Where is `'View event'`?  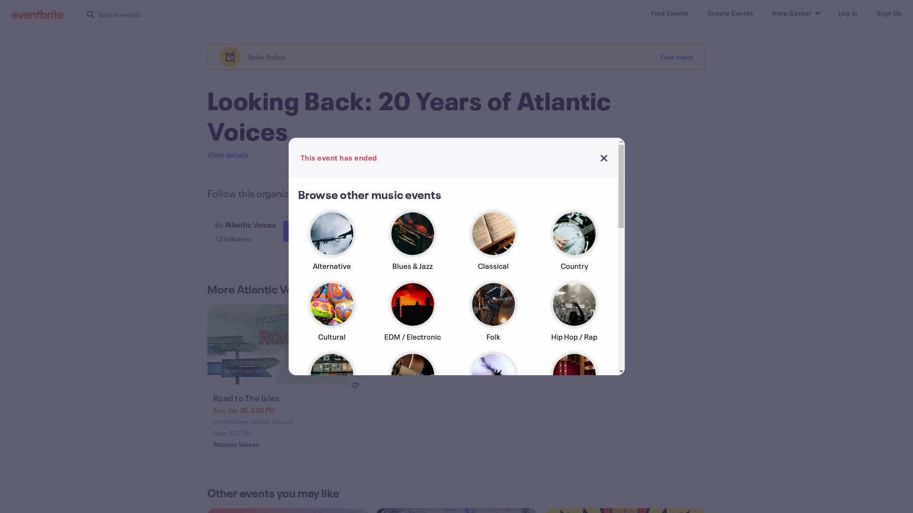 'View event' is located at coordinates (676, 57).